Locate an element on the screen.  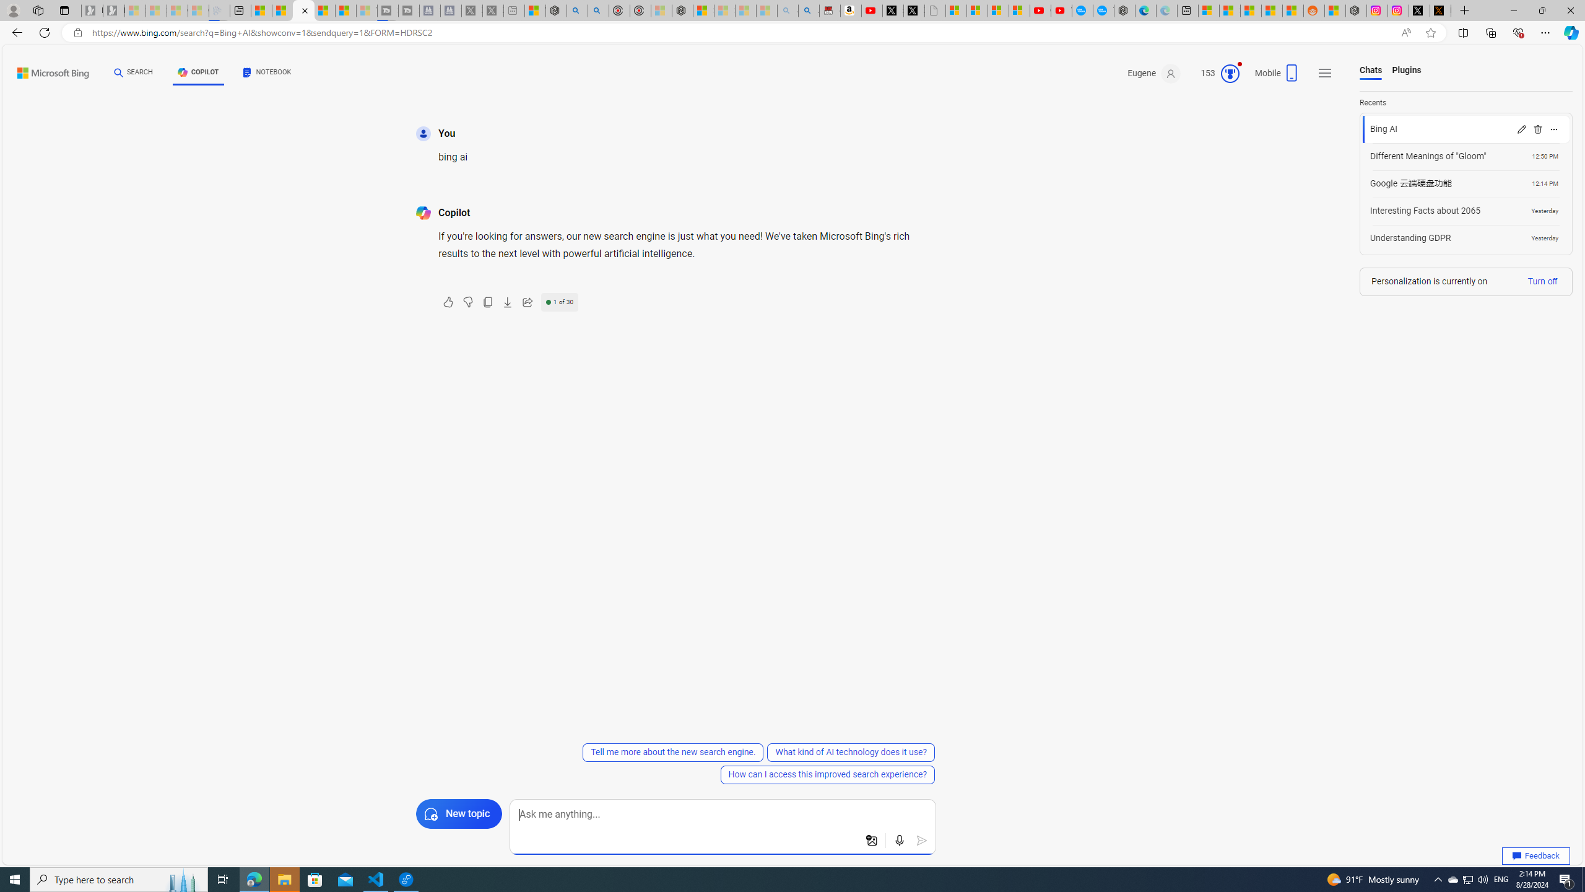
'Tell me more about the new search engine.' is located at coordinates (674, 752).